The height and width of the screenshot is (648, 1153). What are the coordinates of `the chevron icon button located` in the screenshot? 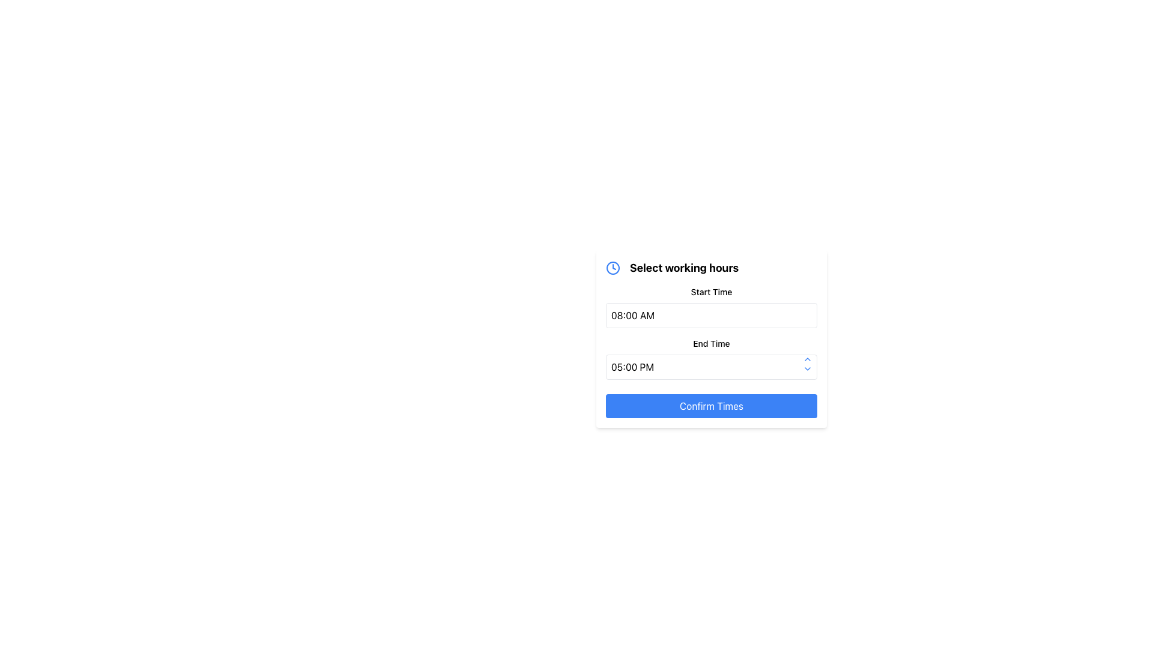 It's located at (807, 368).